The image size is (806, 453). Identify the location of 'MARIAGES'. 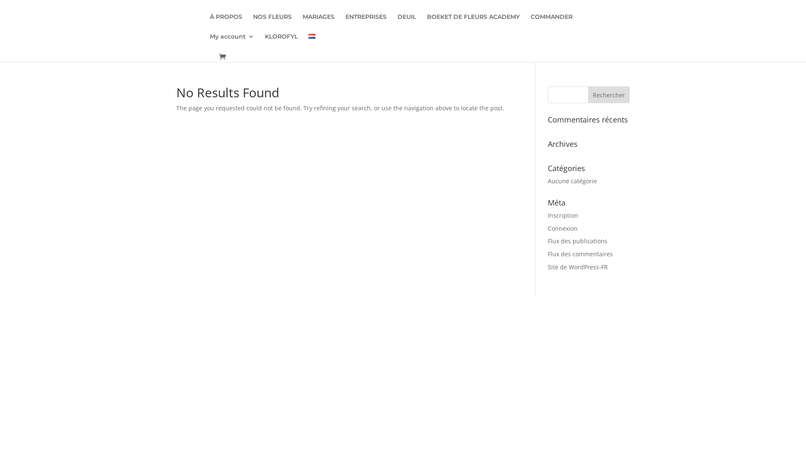
(318, 23).